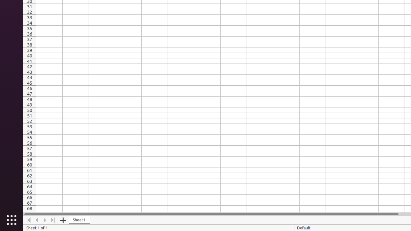 Image resolution: width=411 pixels, height=231 pixels. Describe the element at coordinates (37, 220) in the screenshot. I see `'Move Left'` at that location.